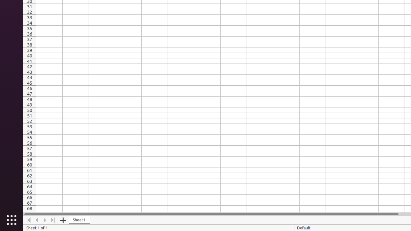 Image resolution: width=411 pixels, height=231 pixels. Describe the element at coordinates (37, 220) in the screenshot. I see `'Move Left'` at that location.